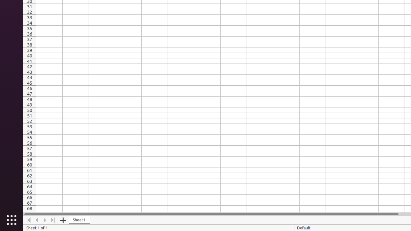 Image resolution: width=411 pixels, height=231 pixels. Describe the element at coordinates (37, 220) in the screenshot. I see `'Move Left'` at that location.